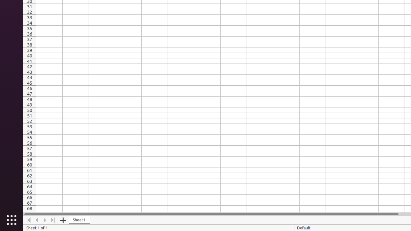 Image resolution: width=411 pixels, height=231 pixels. Describe the element at coordinates (37, 220) in the screenshot. I see `'Move Left'` at that location.